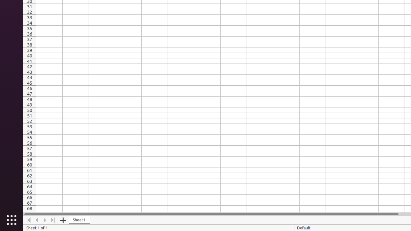 Image resolution: width=411 pixels, height=231 pixels. Describe the element at coordinates (37, 220) in the screenshot. I see `'Move Left'` at that location.